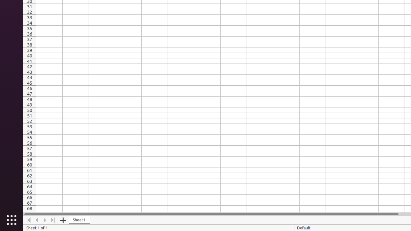 Image resolution: width=411 pixels, height=231 pixels. Describe the element at coordinates (37, 220) in the screenshot. I see `'Move Left'` at that location.